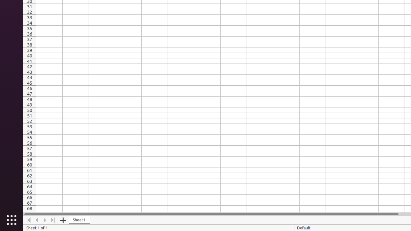 Image resolution: width=411 pixels, height=231 pixels. Describe the element at coordinates (37, 220) in the screenshot. I see `'Move Left'` at that location.